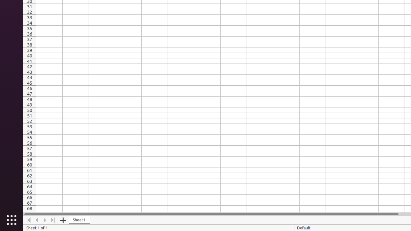 Image resolution: width=411 pixels, height=231 pixels. Describe the element at coordinates (37, 220) in the screenshot. I see `'Move Left'` at that location.